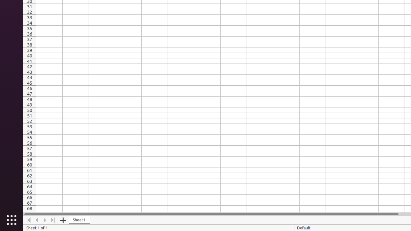 Image resolution: width=411 pixels, height=231 pixels. Describe the element at coordinates (37, 220) in the screenshot. I see `'Move Left'` at that location.